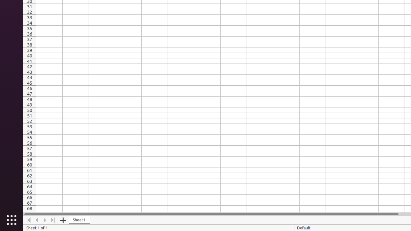 Image resolution: width=411 pixels, height=231 pixels. Describe the element at coordinates (37, 220) in the screenshot. I see `'Move Left'` at that location.